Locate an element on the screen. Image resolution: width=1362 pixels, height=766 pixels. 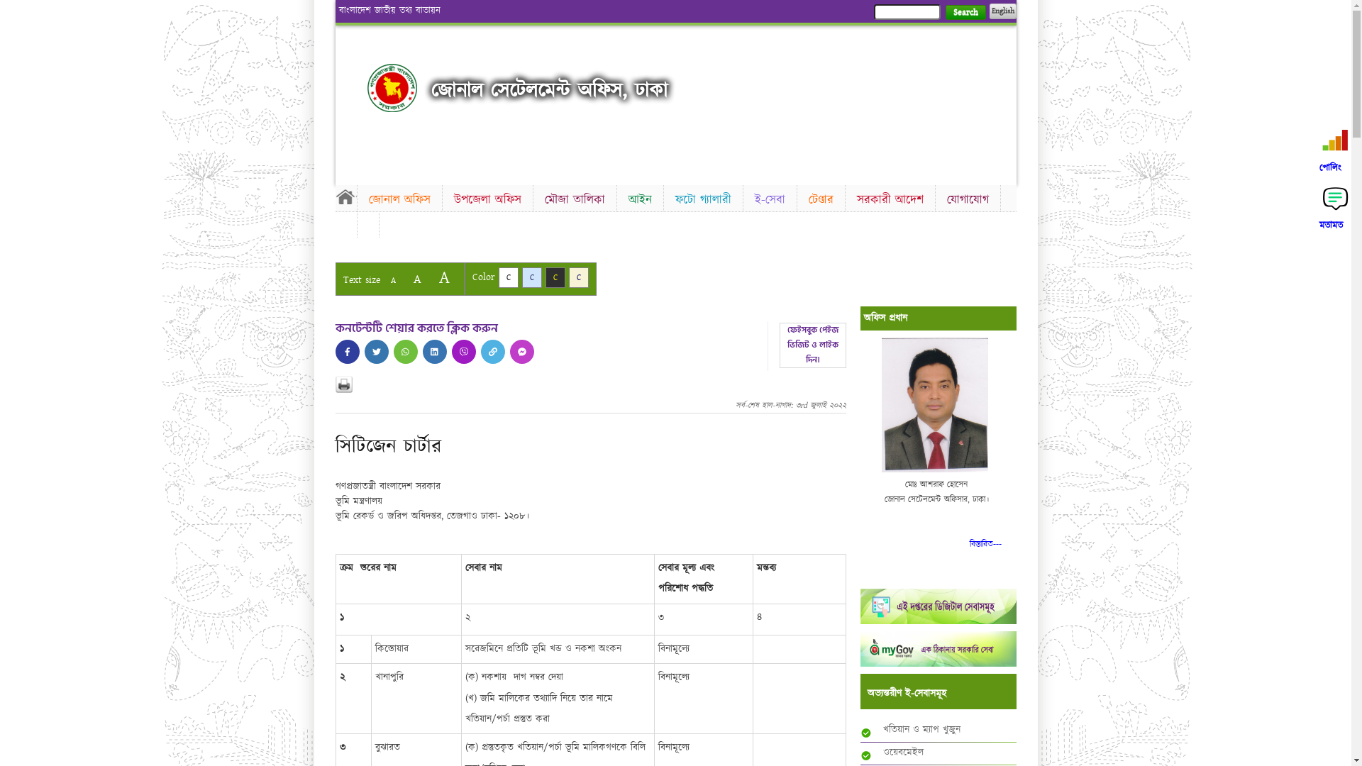
'C' is located at coordinates (497, 277).